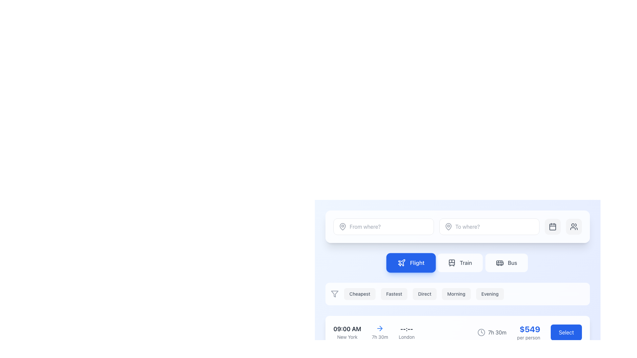  Describe the element at coordinates (342, 226) in the screenshot. I see `the pin or location marker icon located within the input box labeled 'From where?'. This icon has a drop-shaped outline and is part of an SVG icon group` at that location.